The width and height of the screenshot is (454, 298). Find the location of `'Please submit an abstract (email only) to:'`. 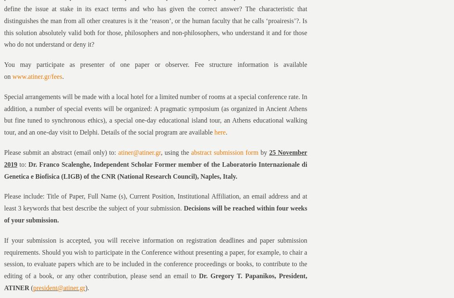

'Please submit an abstract (email only) to:' is located at coordinates (60, 152).